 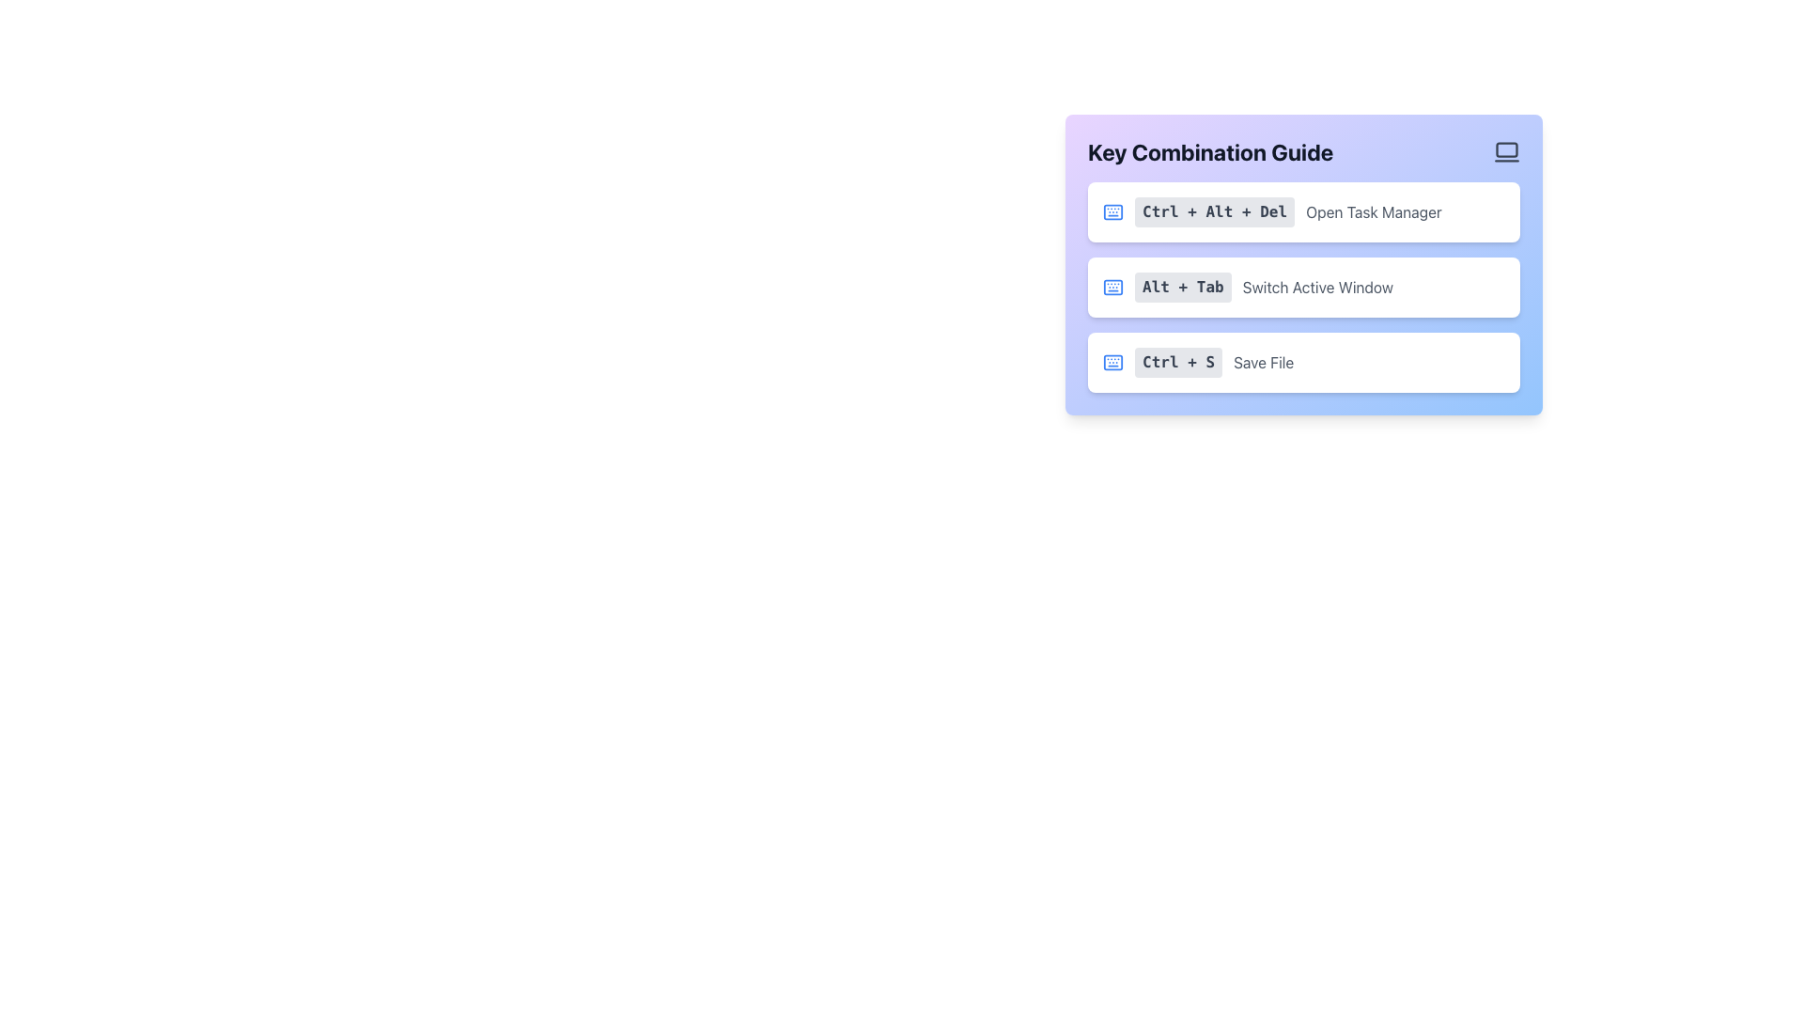 I want to click on information displayed in the Information Card that provides guidance on the keyboard shortcut 'Ctrl + Alt + Del' and its function 'Open Task Manager', so click(x=1302, y=211).